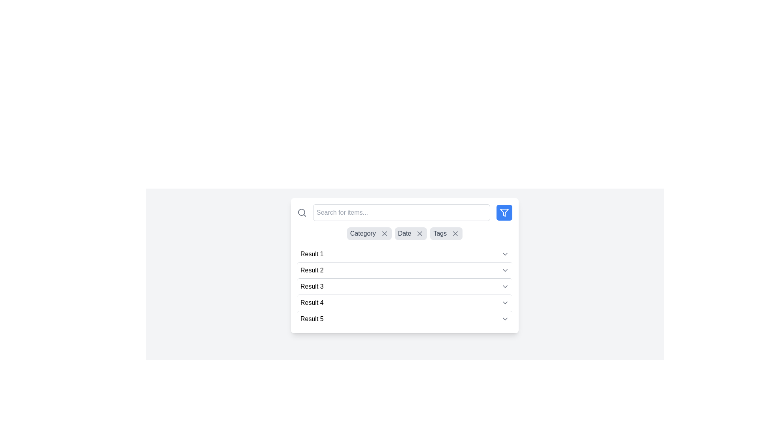 This screenshot has height=427, width=759. What do you see at coordinates (404, 302) in the screenshot?
I see `the list item labeled 'Result 4' in the dropdown menu` at bounding box center [404, 302].